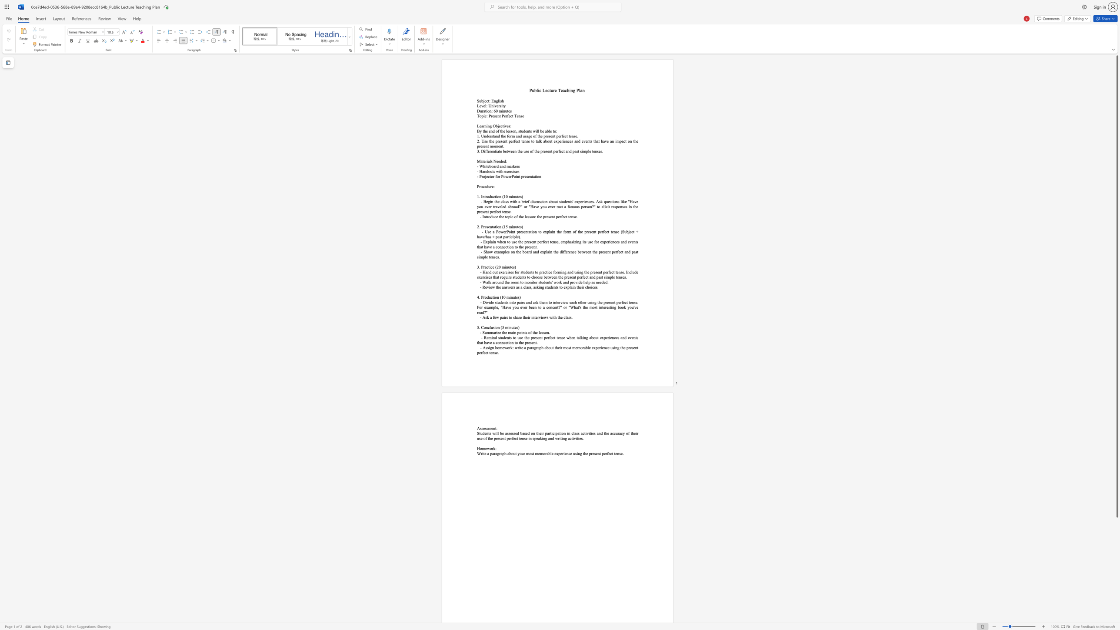 This screenshot has width=1120, height=630. Describe the element at coordinates (539, 287) in the screenshot. I see `the 2th character "i" in the text` at that location.